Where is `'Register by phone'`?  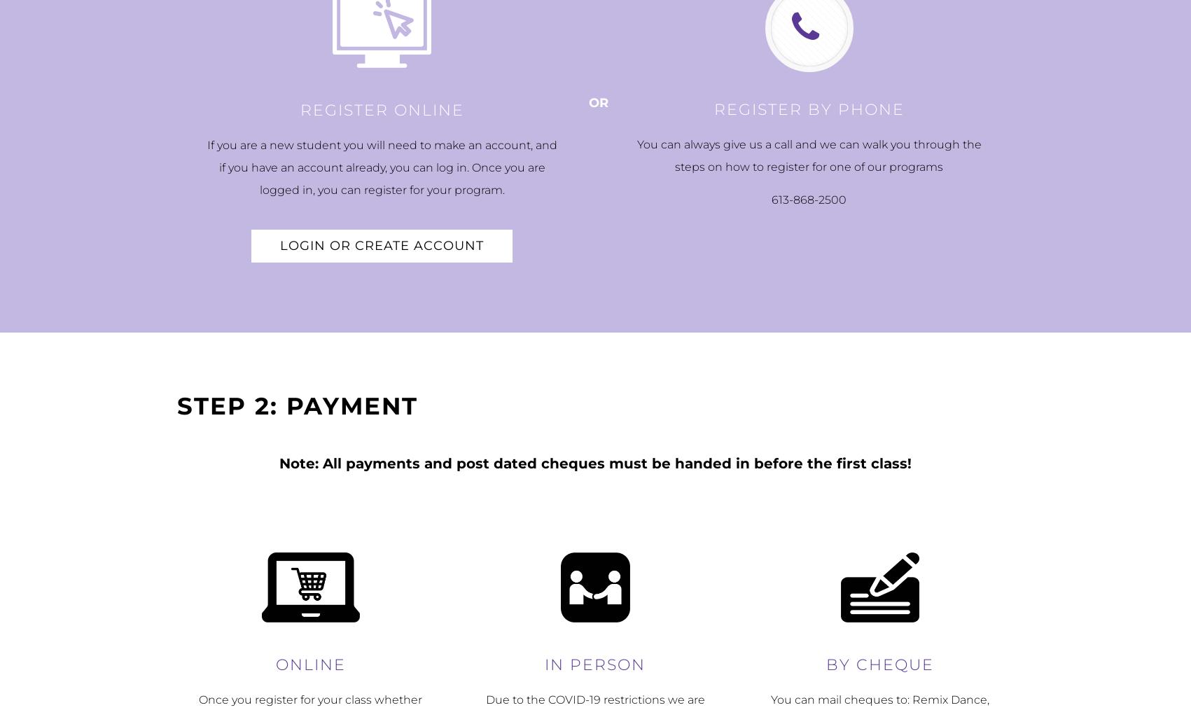
'Register by phone' is located at coordinates (713, 109).